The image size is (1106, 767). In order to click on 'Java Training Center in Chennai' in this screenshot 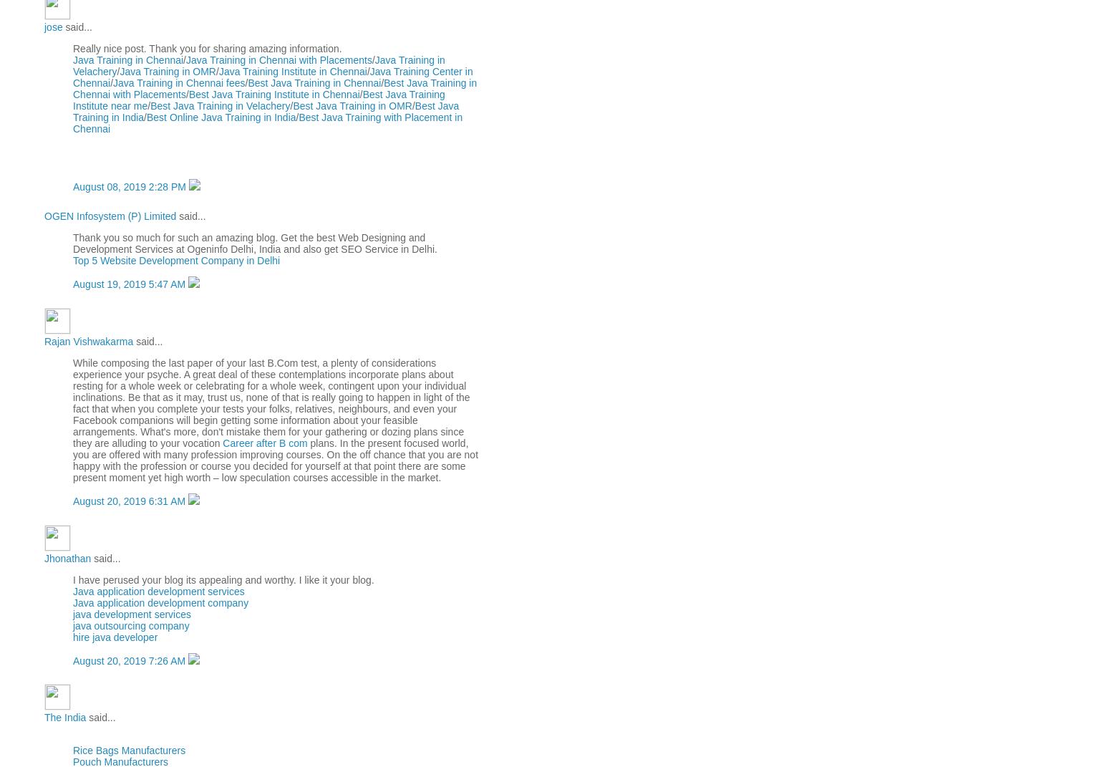, I will do `click(271, 77)`.